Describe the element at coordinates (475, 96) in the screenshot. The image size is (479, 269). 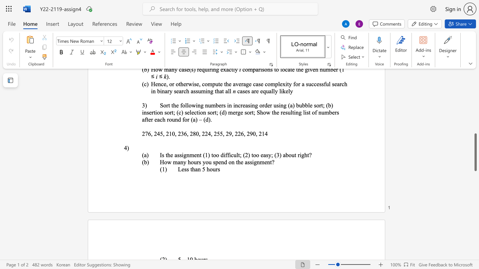
I see `the scrollbar to scroll upward` at that location.